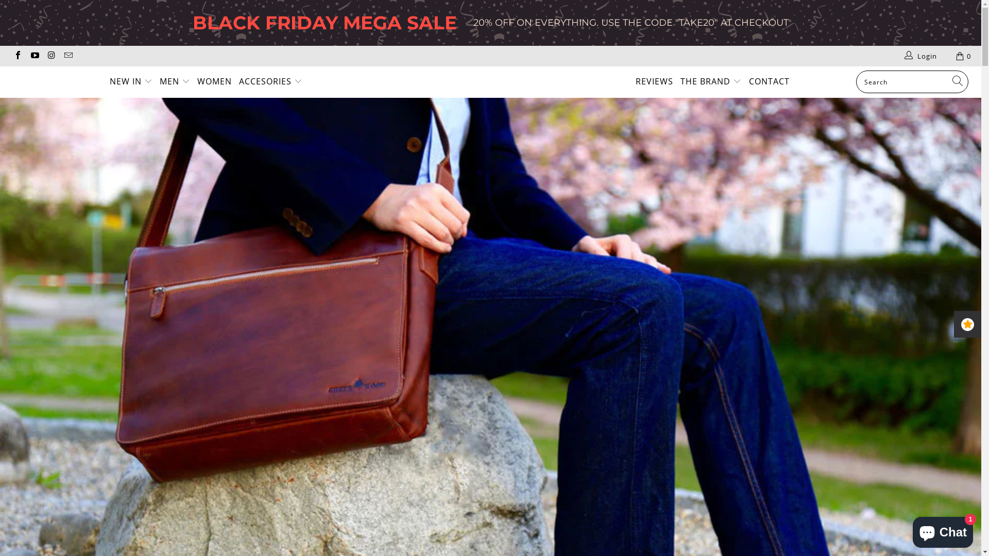 This screenshot has width=989, height=556. What do you see at coordinates (66, 56) in the screenshot?
I see `'Email Greenwood Leather'` at bounding box center [66, 56].